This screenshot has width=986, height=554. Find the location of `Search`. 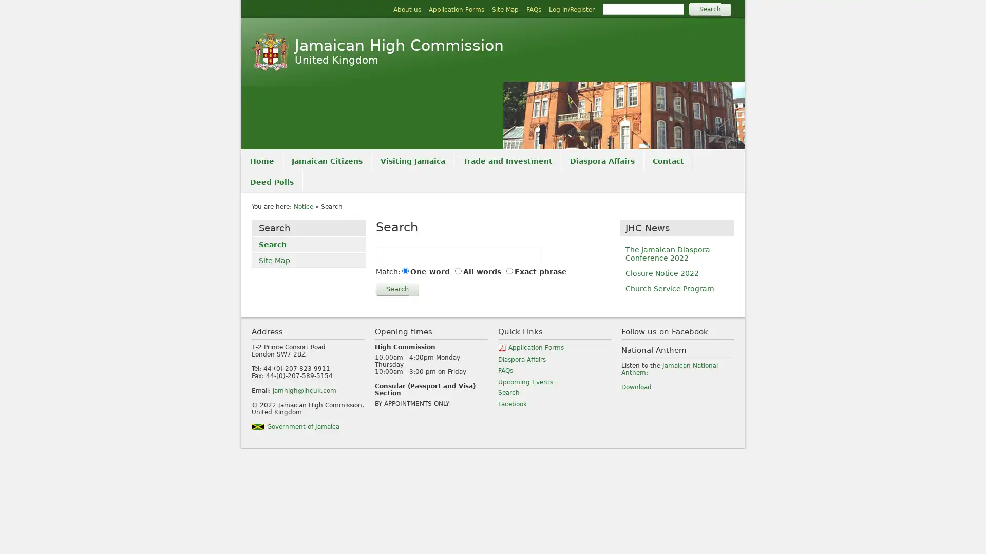

Search is located at coordinates (396, 289).